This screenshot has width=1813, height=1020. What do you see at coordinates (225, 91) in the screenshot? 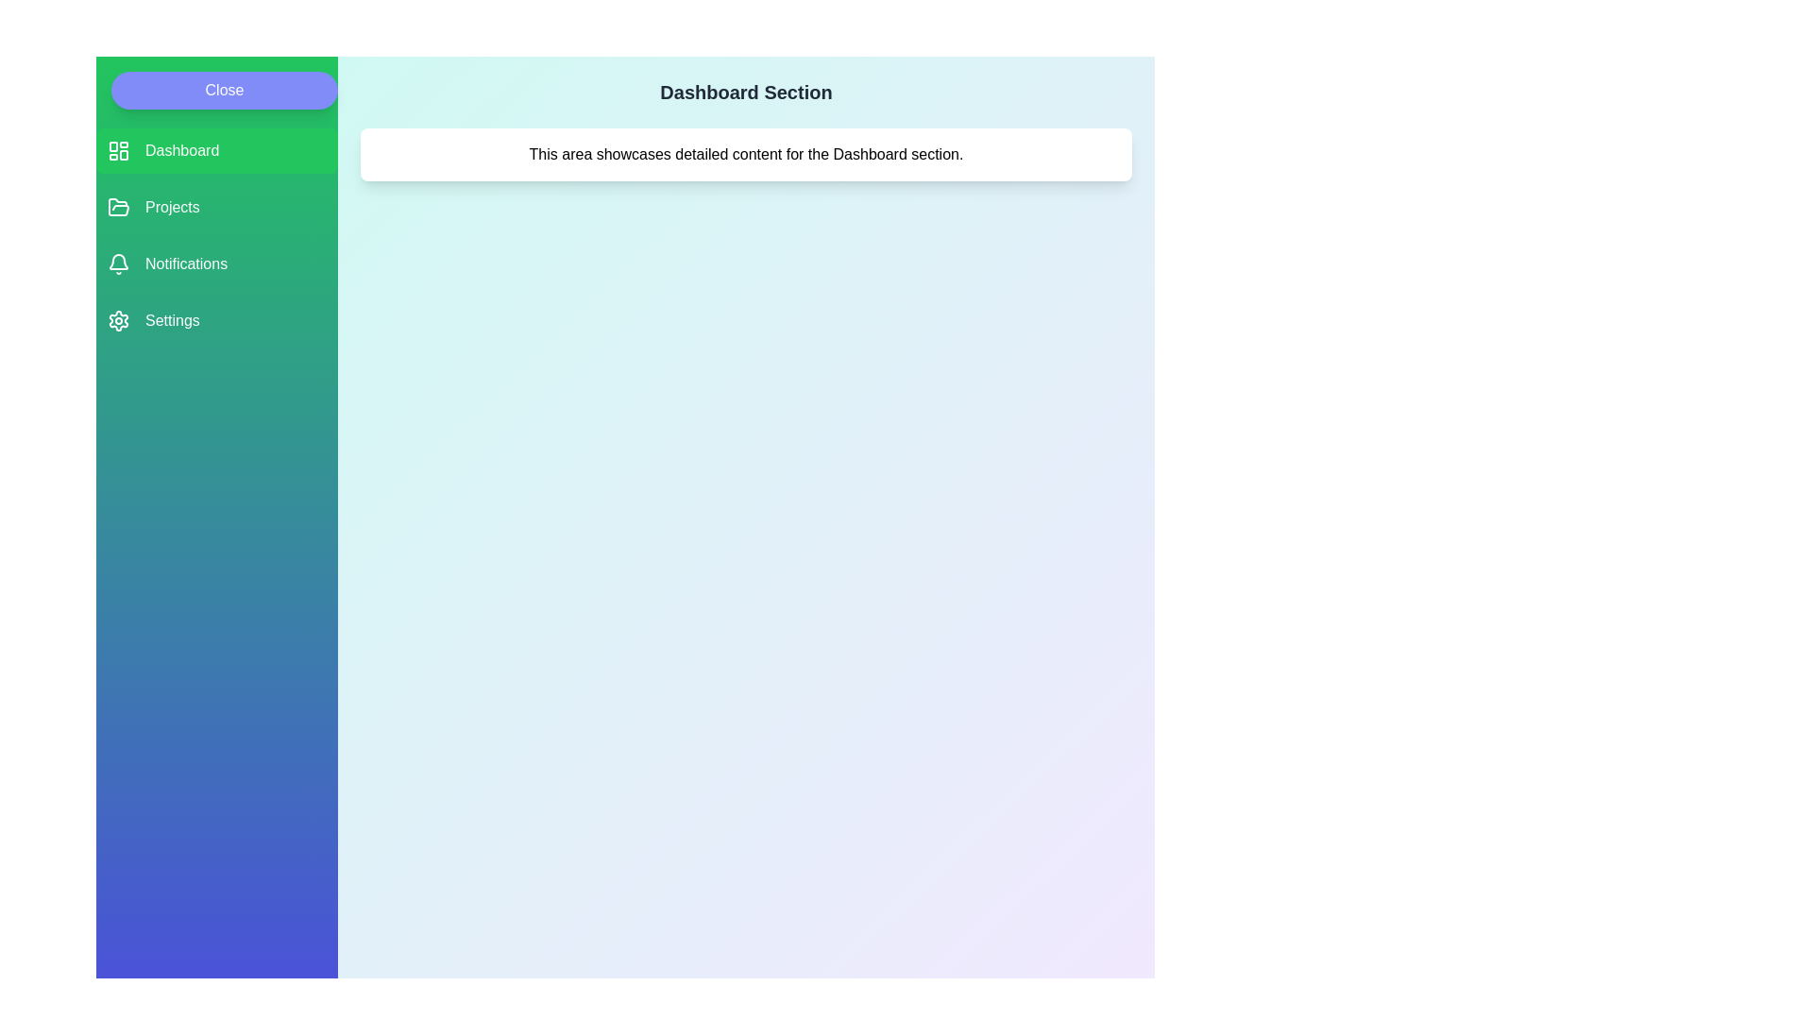
I see `the button labeled 'Close' to toggle the drawer's state` at bounding box center [225, 91].